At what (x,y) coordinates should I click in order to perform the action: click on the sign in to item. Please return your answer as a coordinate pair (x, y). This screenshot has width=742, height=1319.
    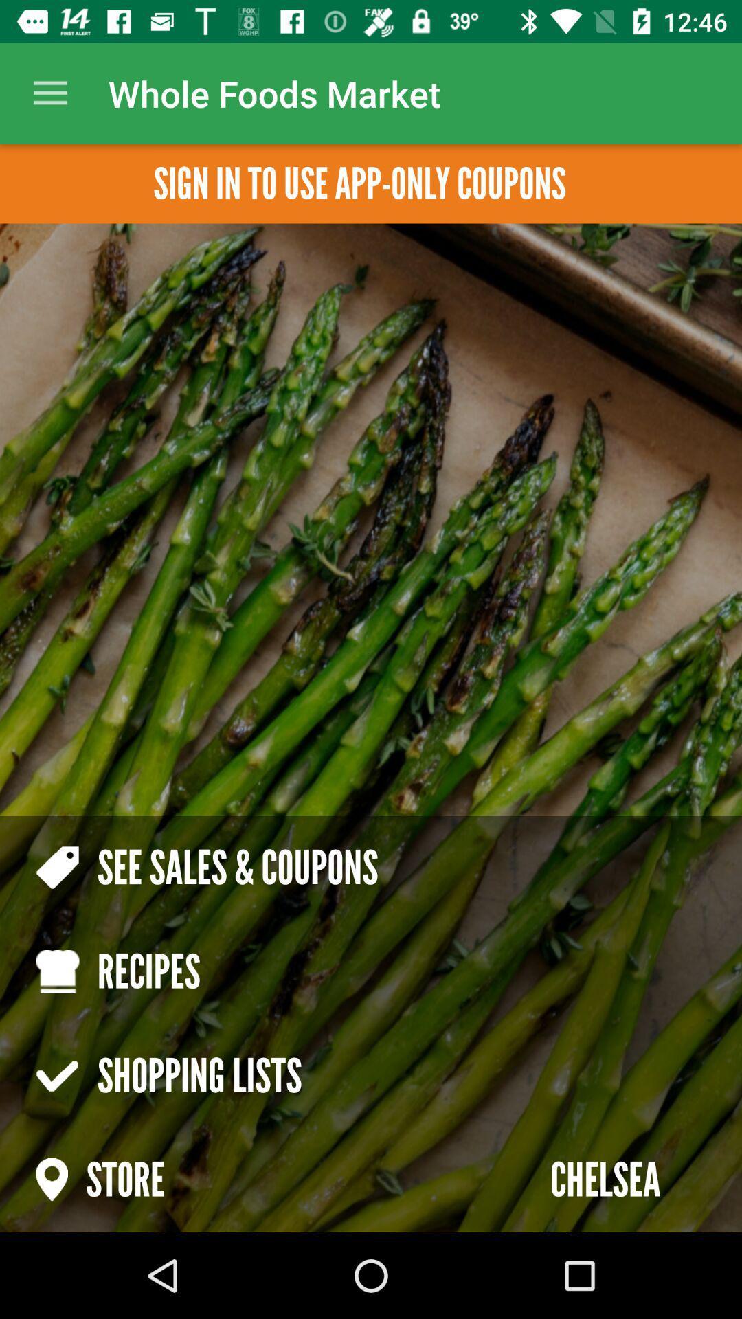
    Looking at the image, I should click on (359, 183).